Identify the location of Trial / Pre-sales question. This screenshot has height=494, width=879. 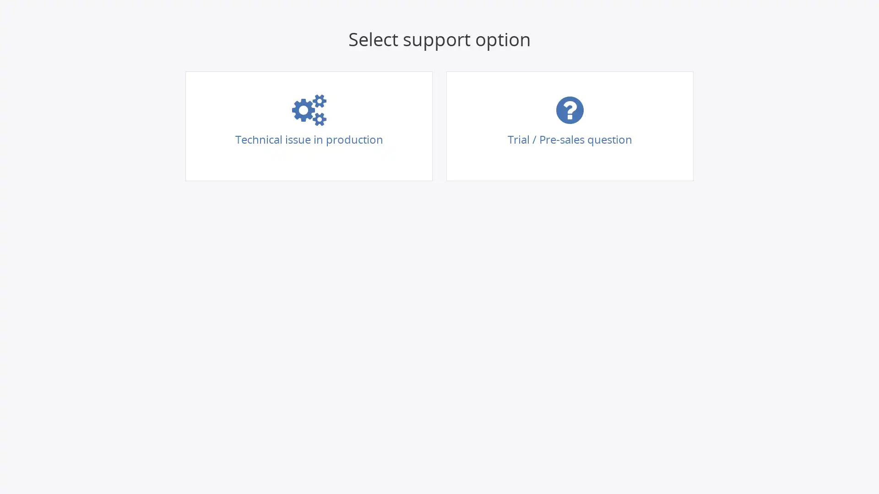
(569, 126).